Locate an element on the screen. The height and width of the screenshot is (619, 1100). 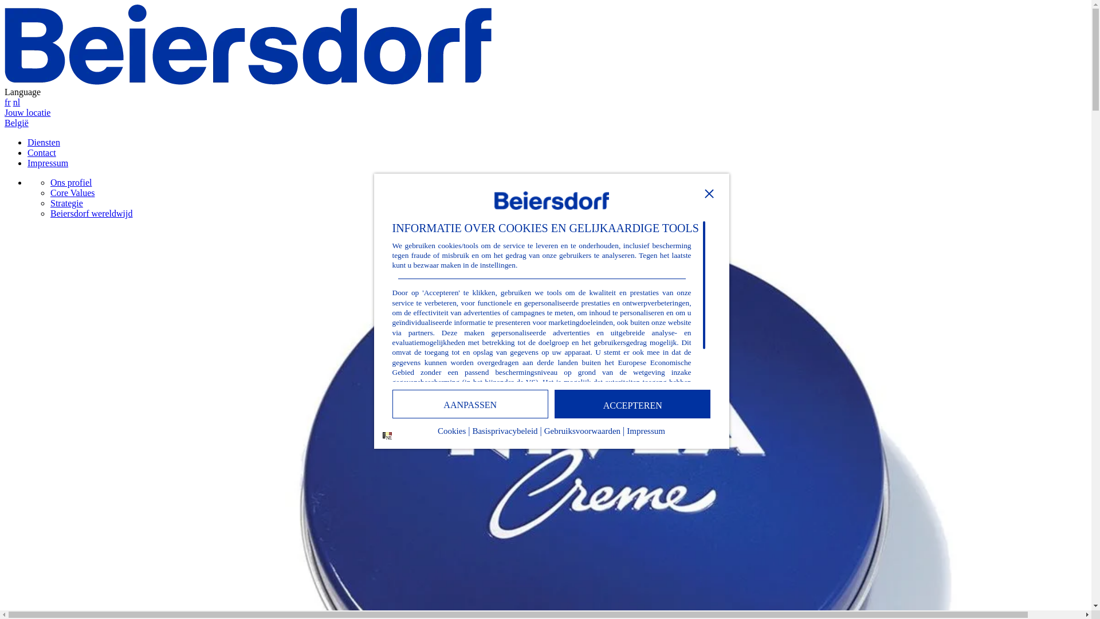
'Gebruiksvoorwaarden' is located at coordinates (544, 434).